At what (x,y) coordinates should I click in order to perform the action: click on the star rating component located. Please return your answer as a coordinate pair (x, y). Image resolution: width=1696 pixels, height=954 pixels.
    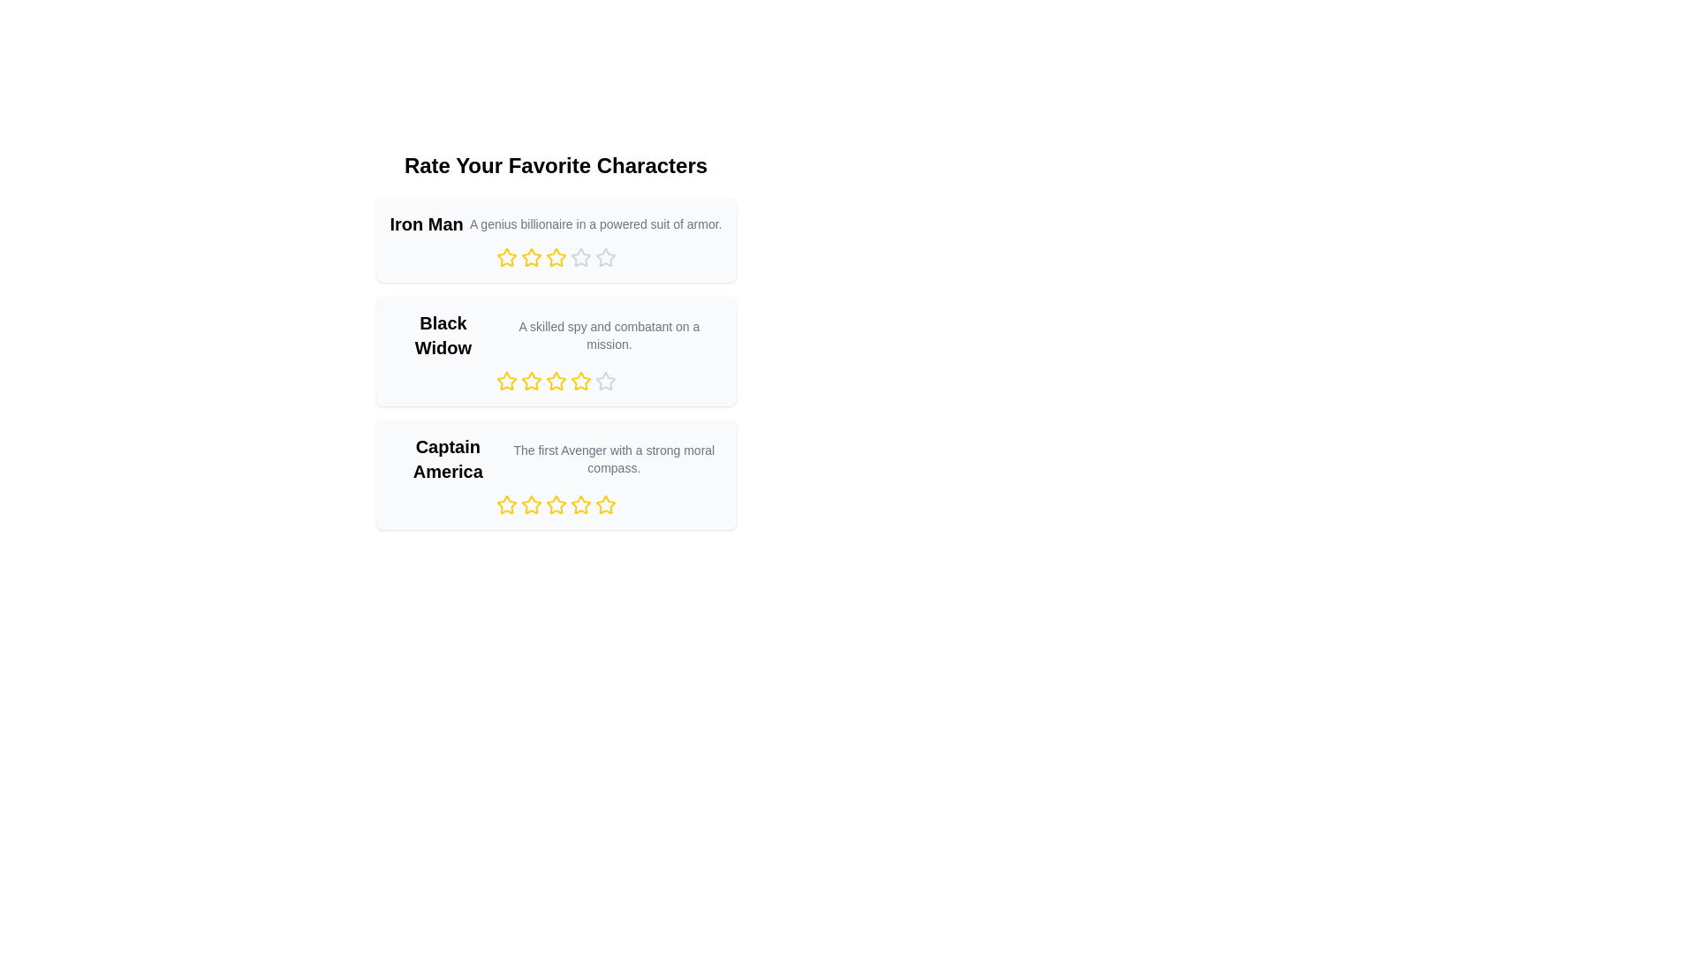
    Looking at the image, I should click on (555, 381).